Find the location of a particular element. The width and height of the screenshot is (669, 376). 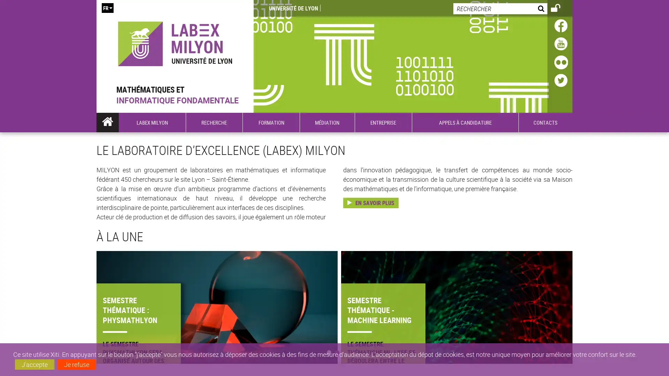

FR is located at coordinates (107, 8).